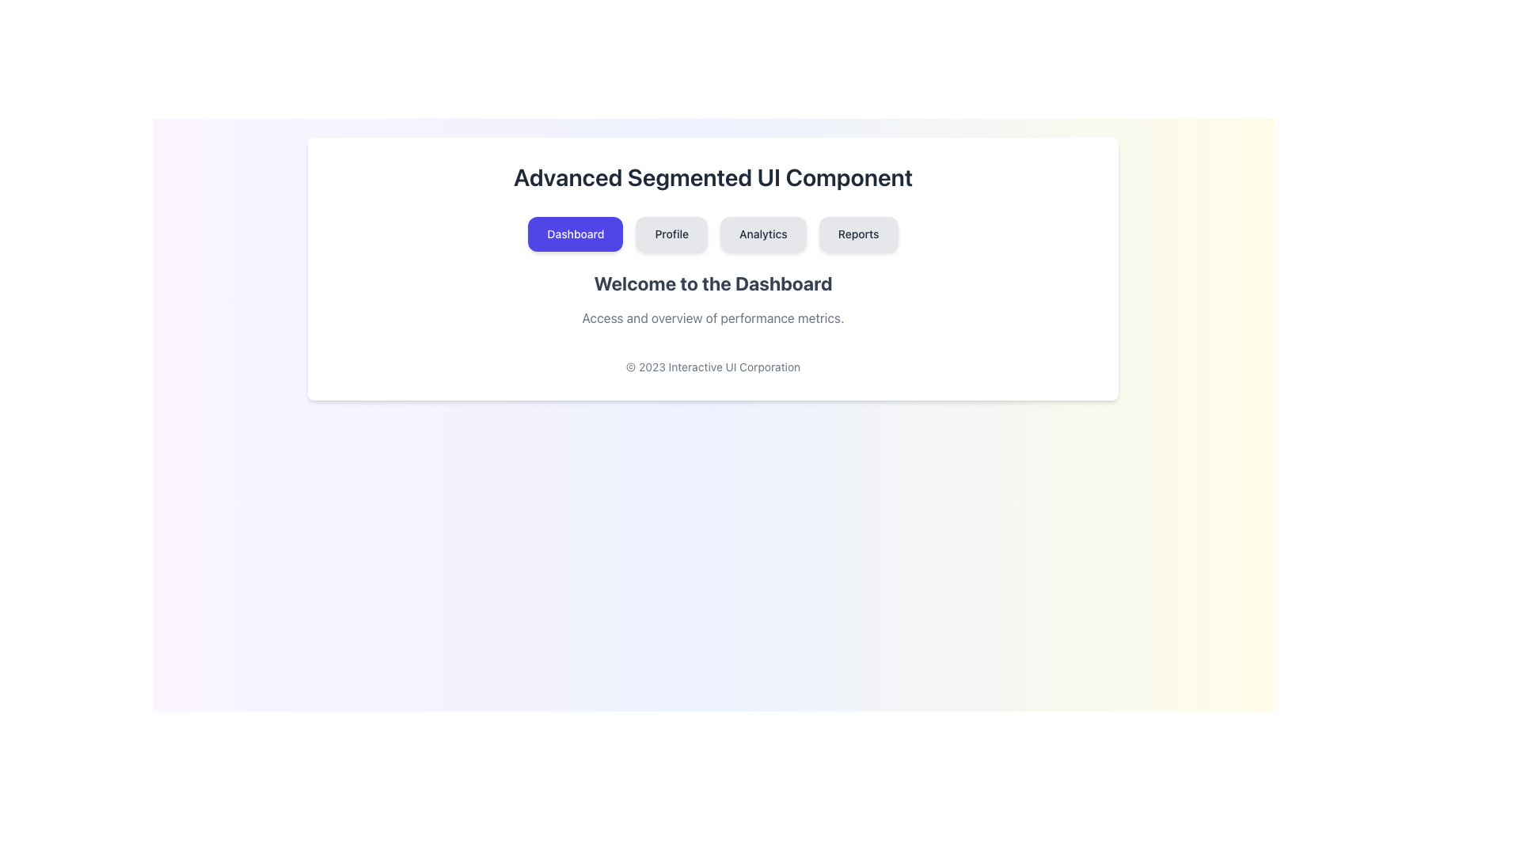  What do you see at coordinates (574, 234) in the screenshot?
I see `the 'Dashboard' button located at the top left of the panel` at bounding box center [574, 234].